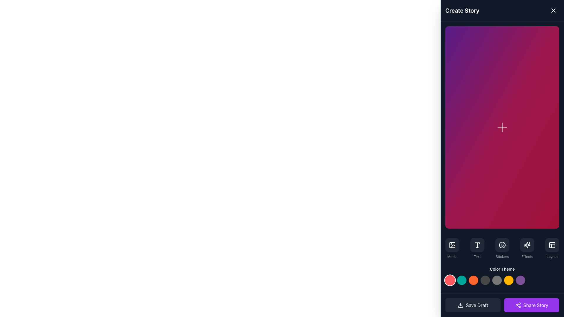  Describe the element at coordinates (502, 248) in the screenshot. I see `the sticker button, which is the third button in a series of five aligned horizontally at the bottom of the sidebar, located between 'Text' and 'Effects'` at that location.